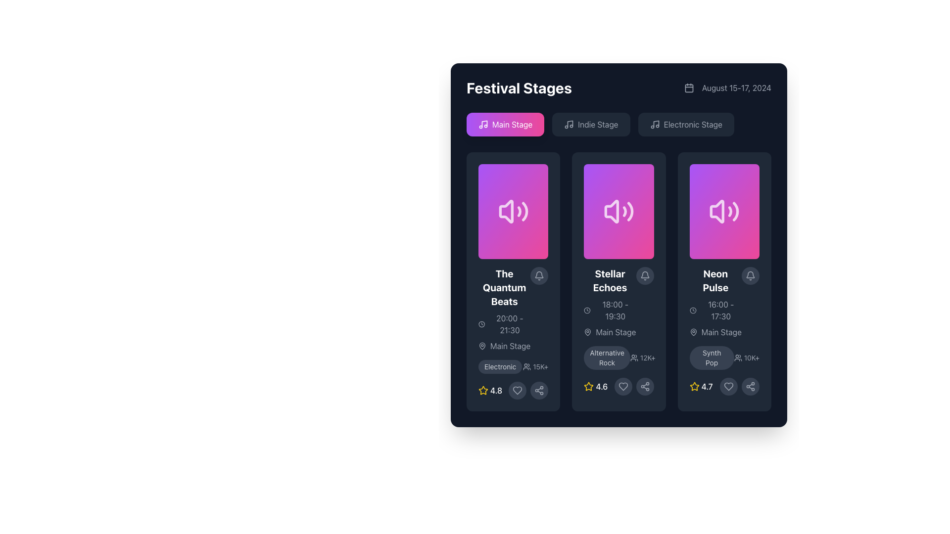  I want to click on the static text element serving as the title for the section introducing the content related to 'Festival Stages.', so click(519, 87).